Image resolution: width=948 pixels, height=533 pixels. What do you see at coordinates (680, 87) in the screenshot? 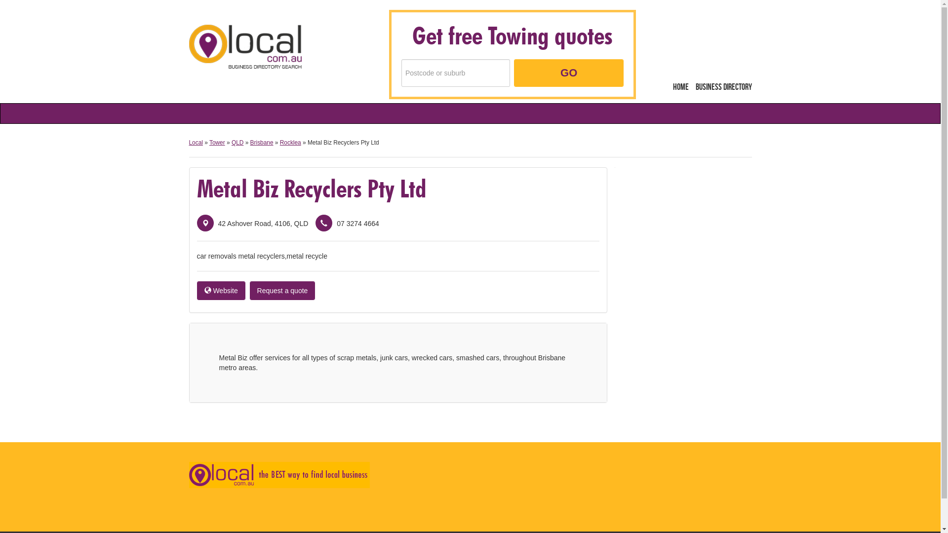
I see `'Home'` at bounding box center [680, 87].